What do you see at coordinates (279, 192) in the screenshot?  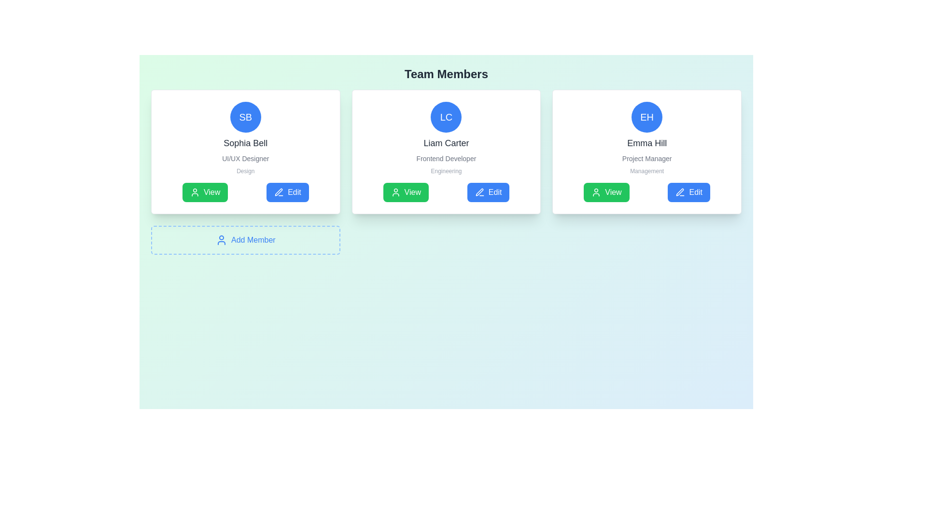 I see `the edit icon associated with the 'Sophia Bell' card in the 'Team Members' section` at bounding box center [279, 192].